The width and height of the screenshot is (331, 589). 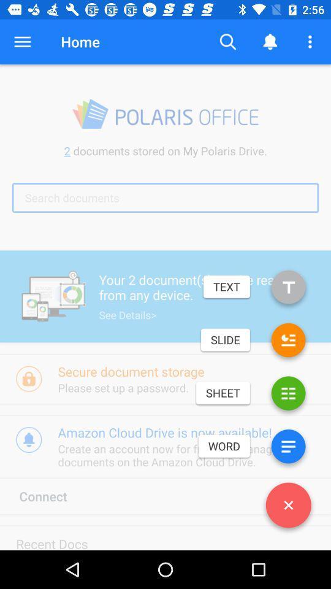 I want to click on to select the document sheet, so click(x=288, y=395).